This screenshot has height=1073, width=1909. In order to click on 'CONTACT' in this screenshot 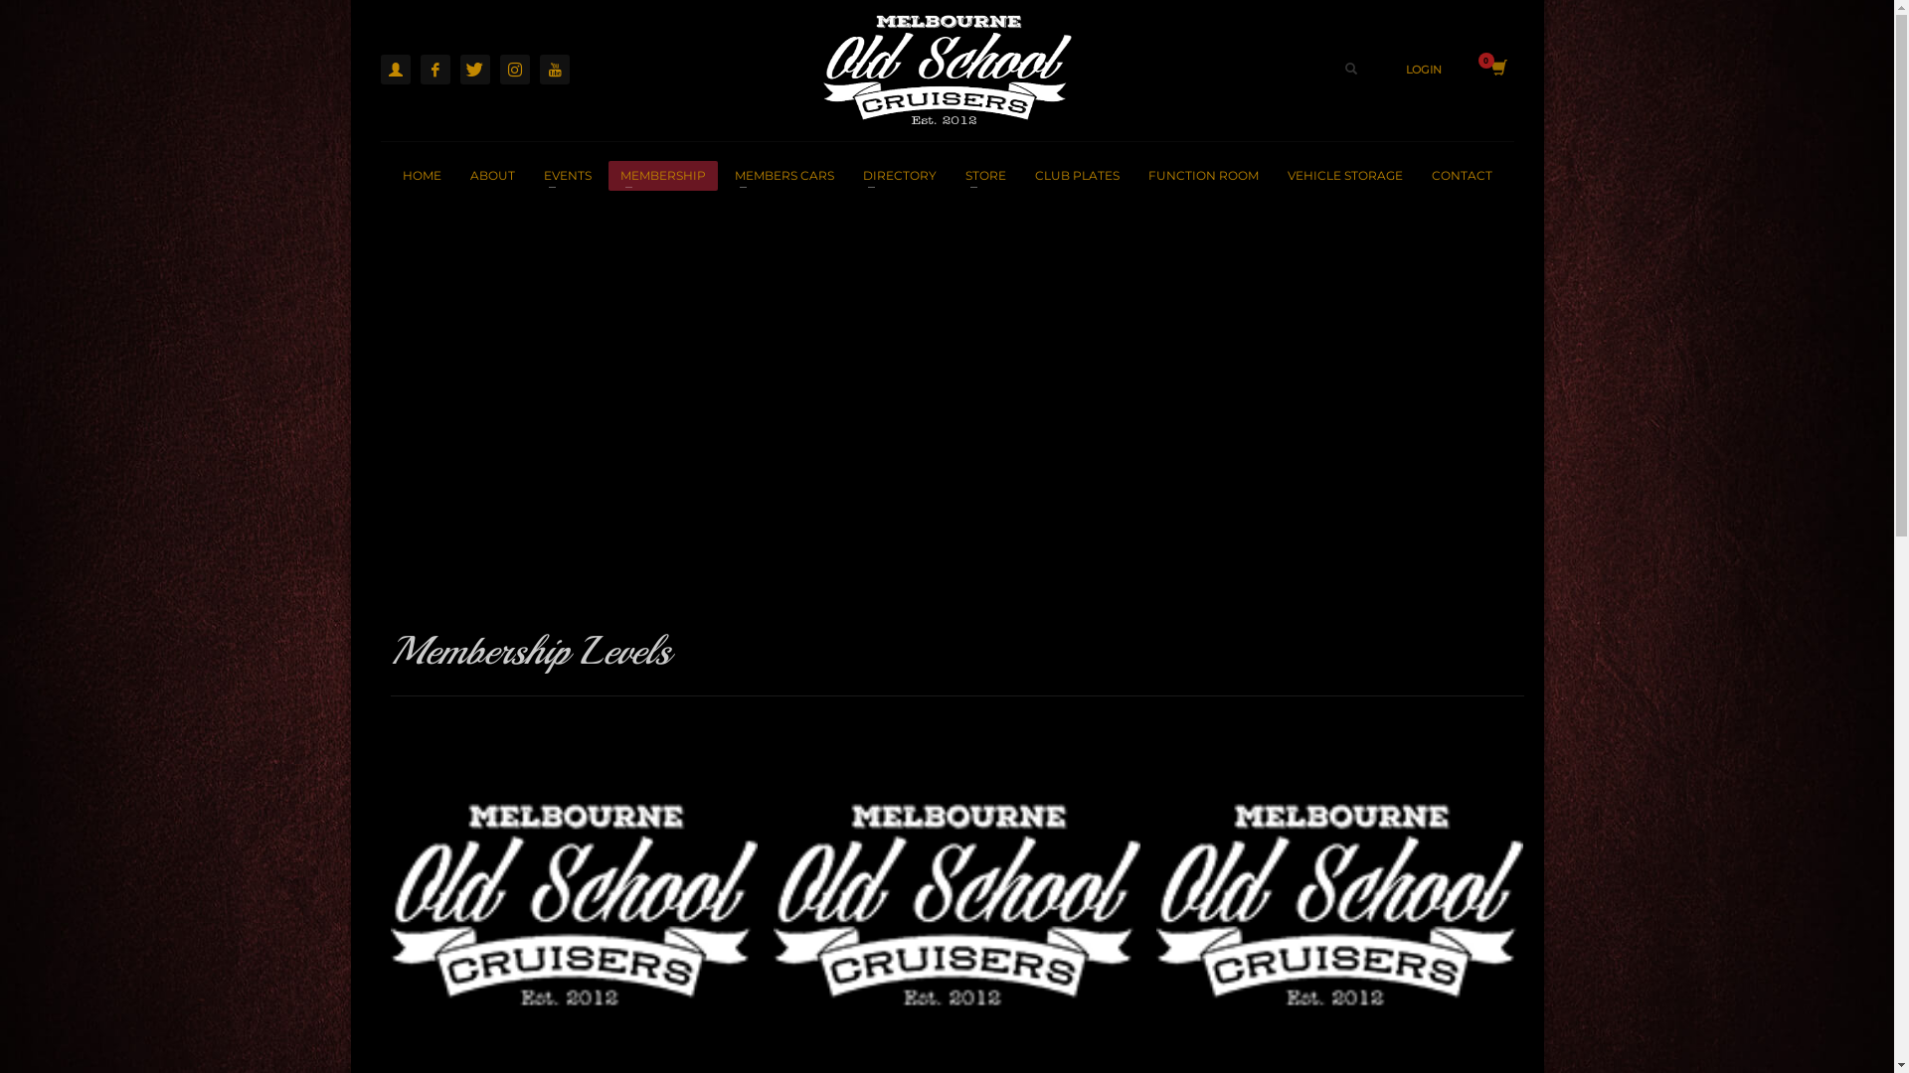, I will do `click(1462, 174)`.